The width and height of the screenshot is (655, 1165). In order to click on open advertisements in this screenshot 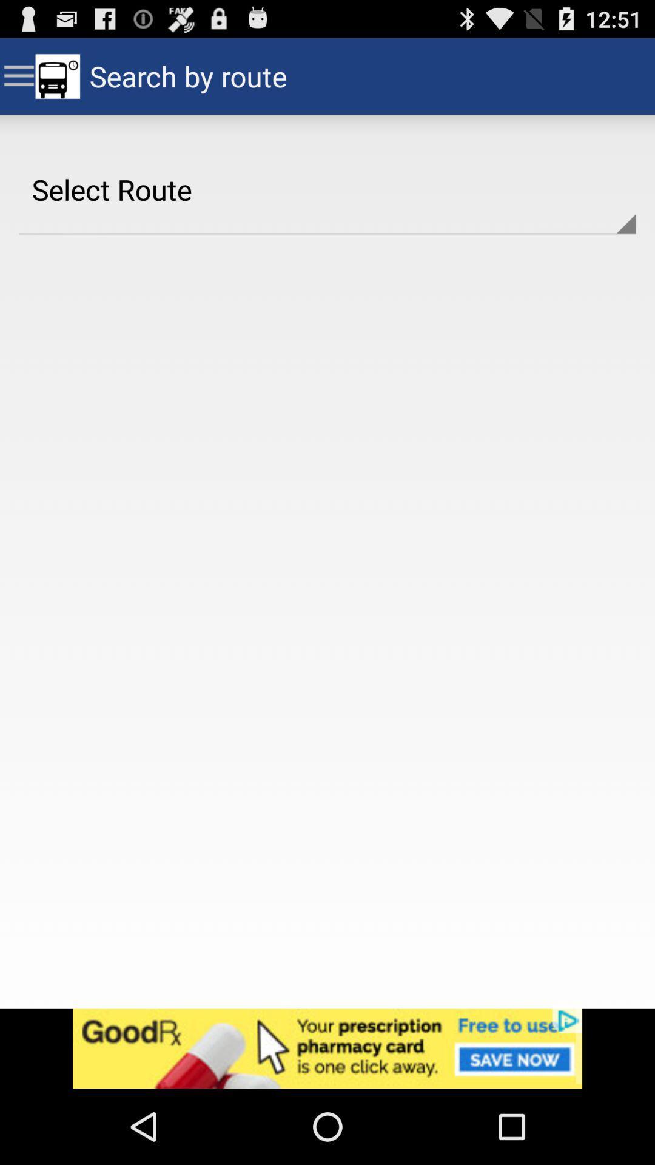, I will do `click(327, 1048)`.